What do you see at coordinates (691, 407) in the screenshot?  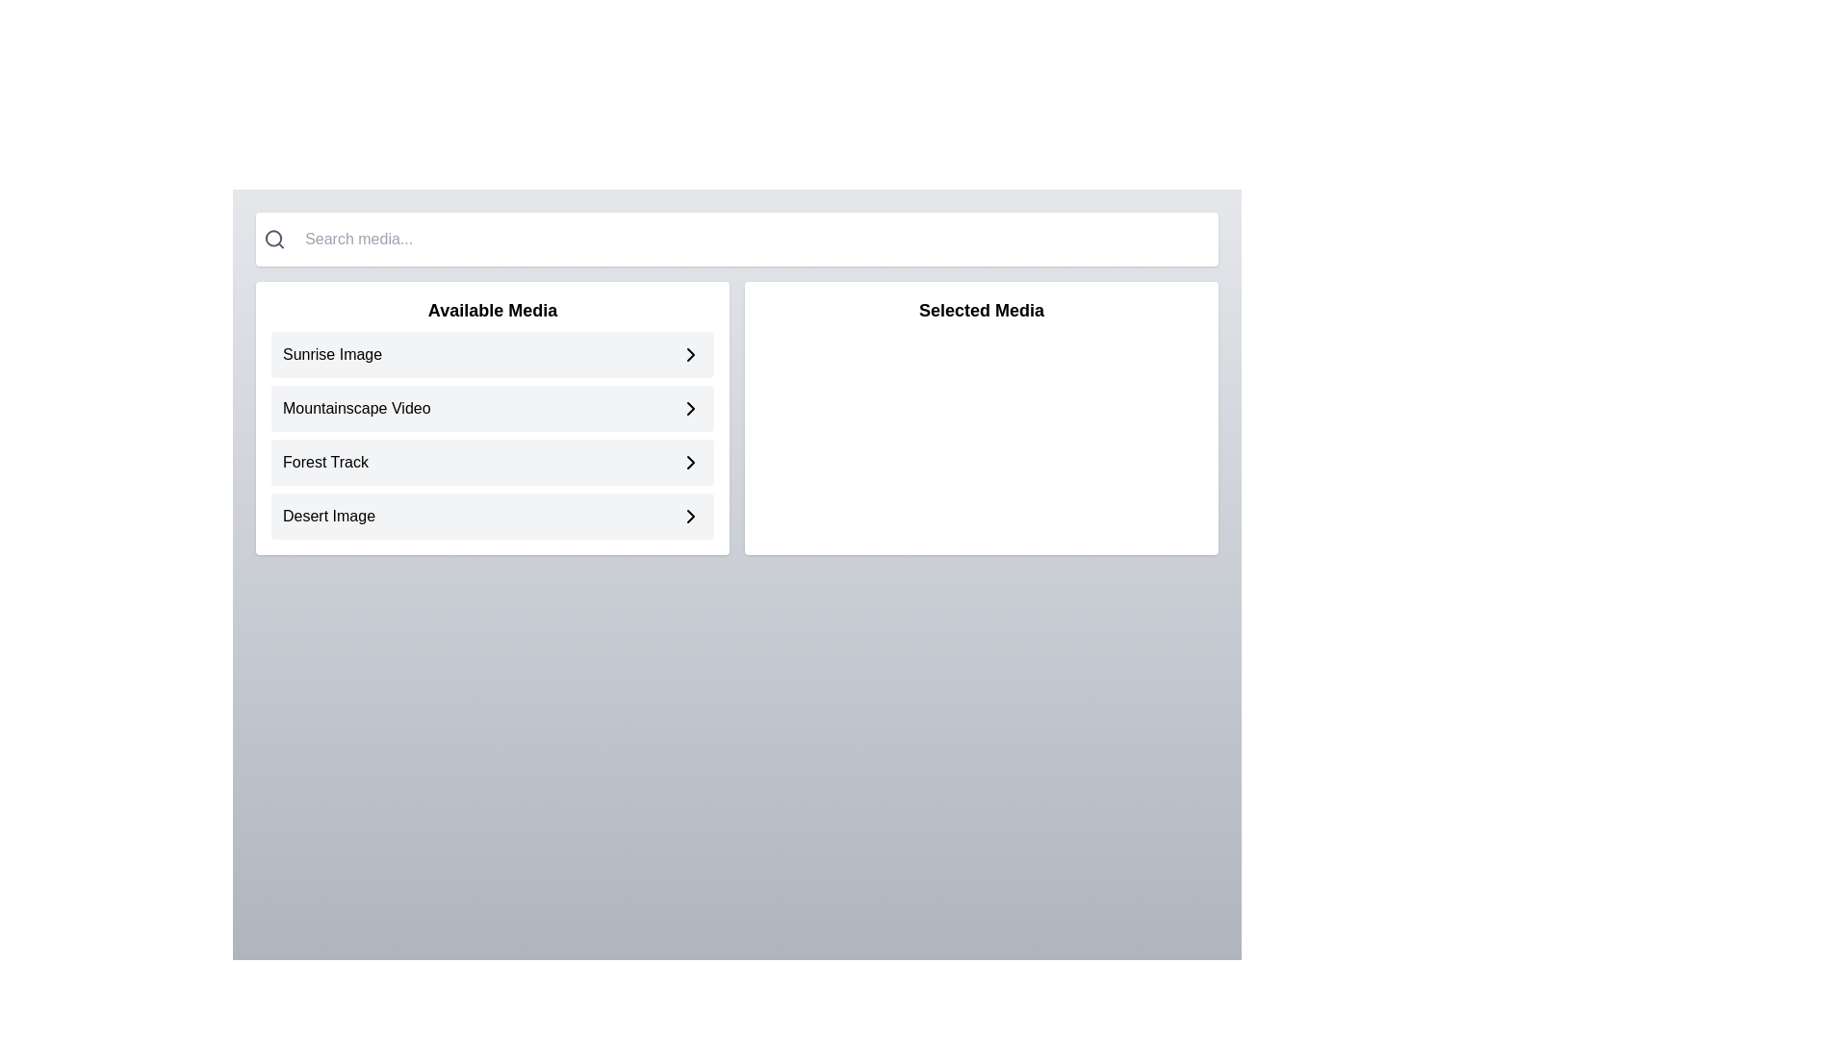 I see `the Chevron icon located in the 'Available Media' column beside the 'Mountainscape Video' row` at bounding box center [691, 407].